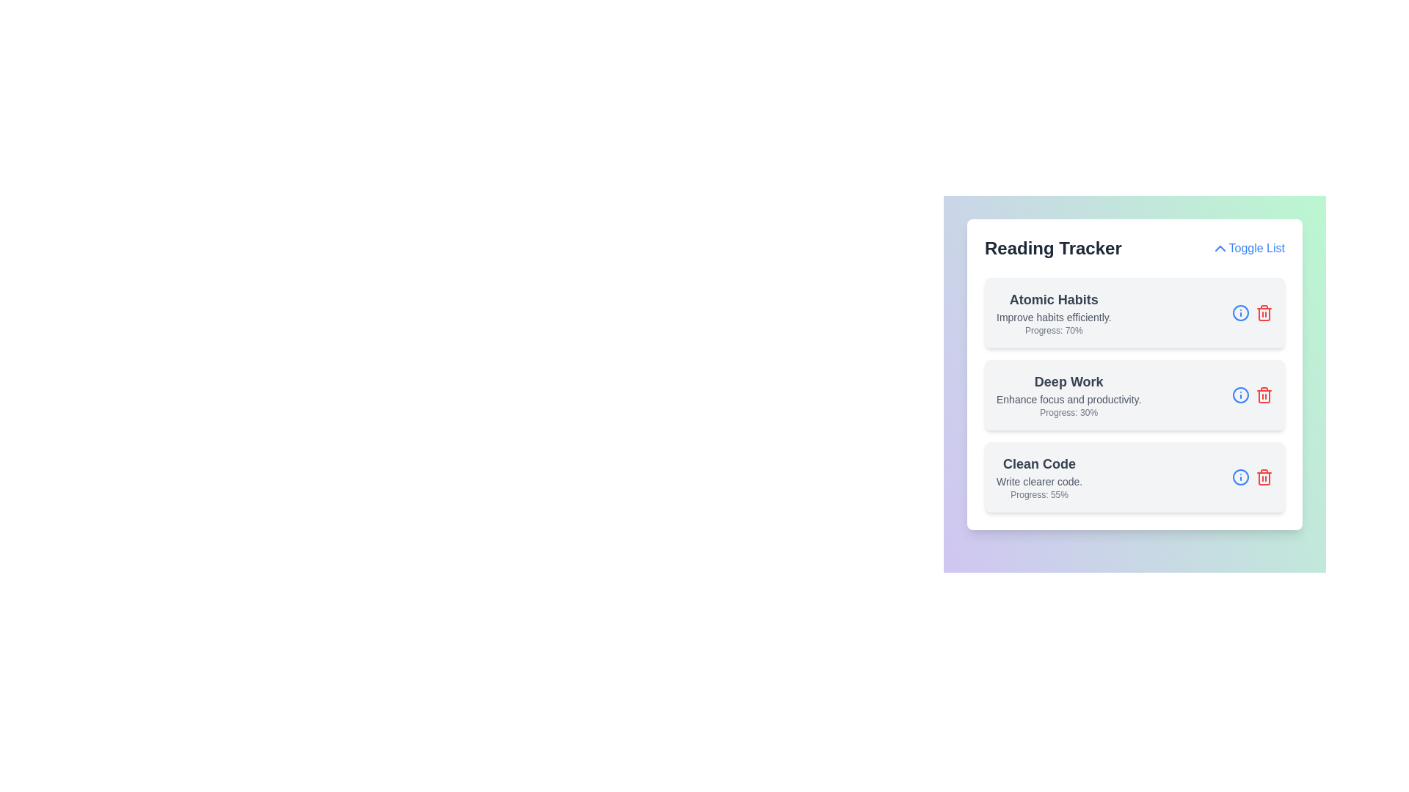 The width and height of the screenshot is (1409, 792). Describe the element at coordinates (1053, 312) in the screenshot. I see `the multi-line text component displaying 'Atomic Habits' with the subtitle 'Improve habits efficiently.' and progress indicator 'Progress: 70%' in the reading tracker interface` at that location.